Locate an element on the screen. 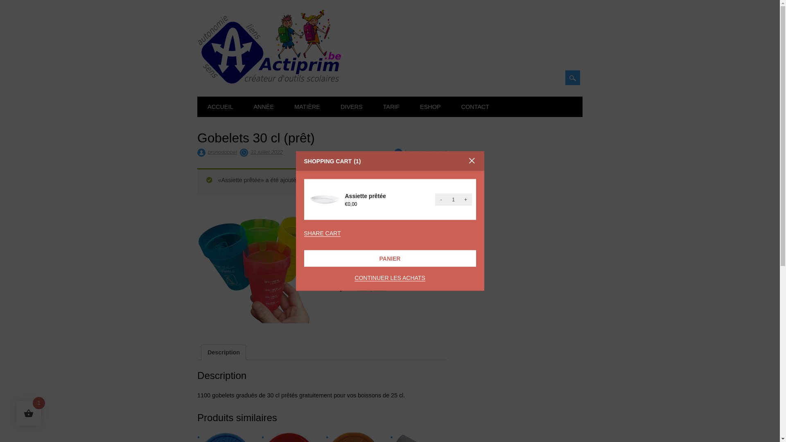 The height and width of the screenshot is (442, 786). 'Description' is located at coordinates (224, 352).